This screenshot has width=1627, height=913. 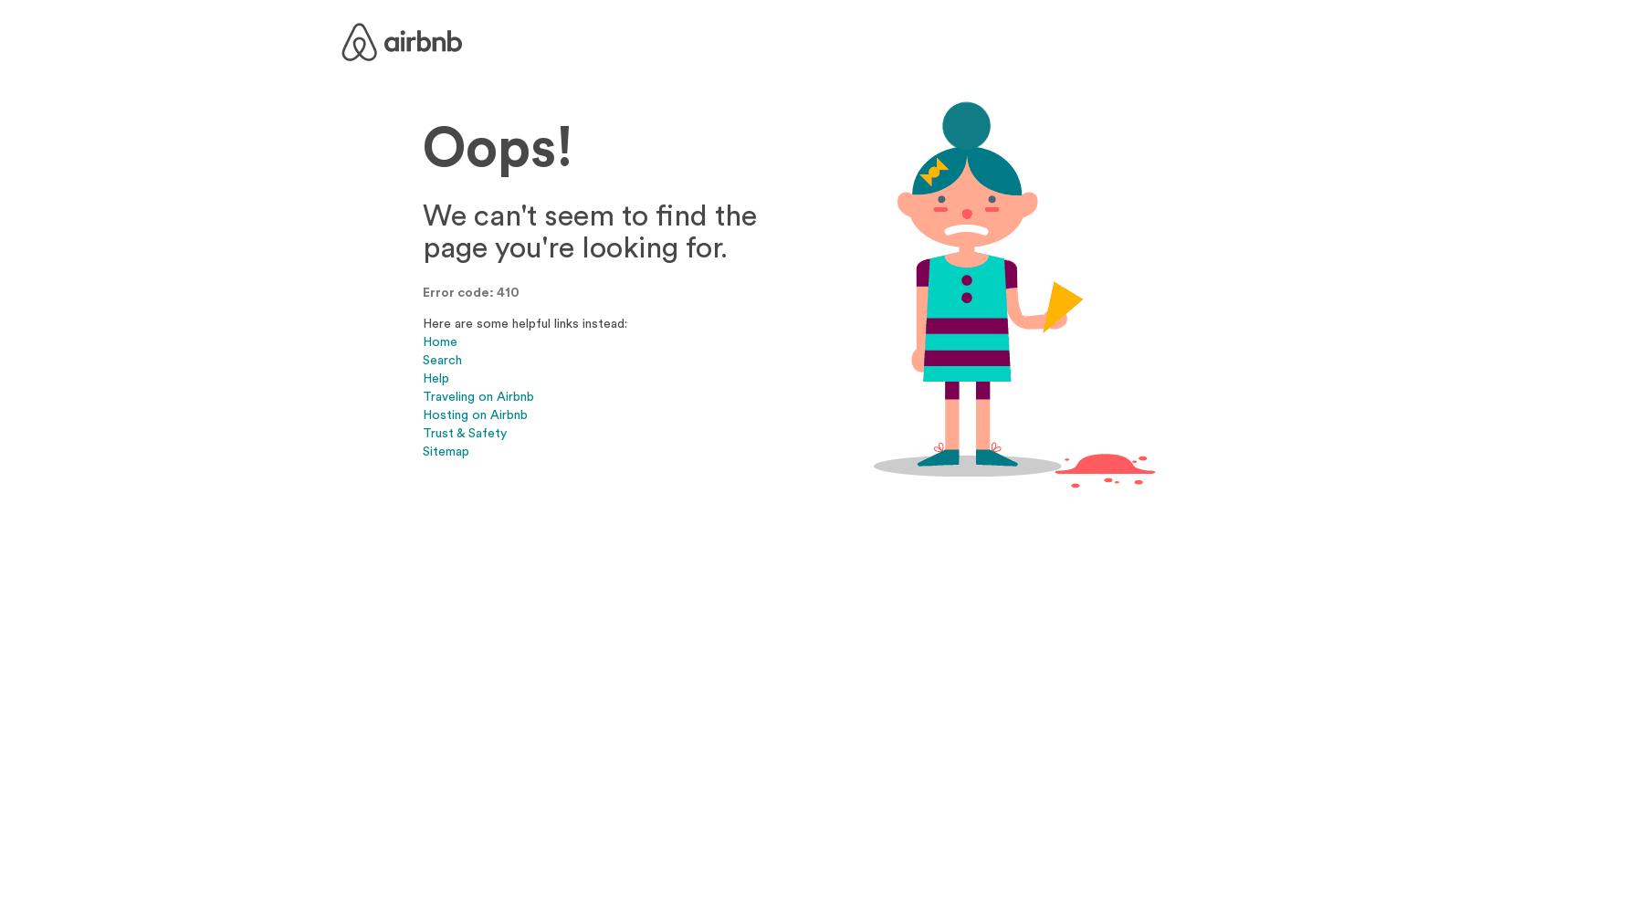 What do you see at coordinates (441, 359) in the screenshot?
I see `'Search'` at bounding box center [441, 359].